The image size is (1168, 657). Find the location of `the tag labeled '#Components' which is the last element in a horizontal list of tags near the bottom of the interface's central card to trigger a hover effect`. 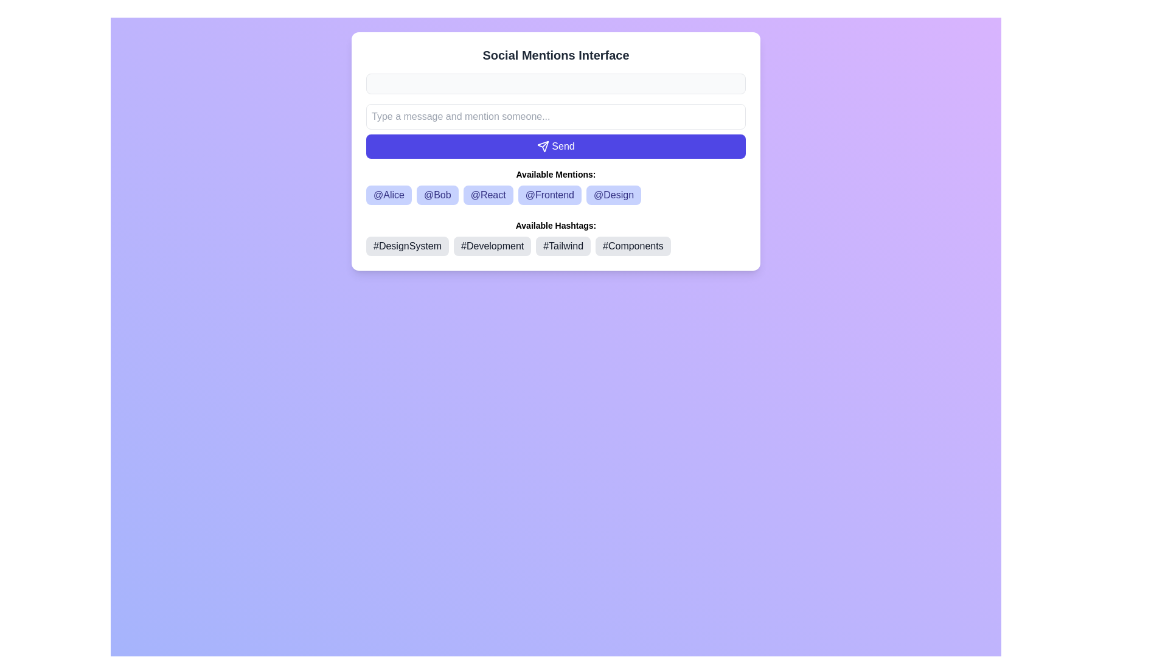

the tag labeled '#Components' which is the last element in a horizontal list of tags near the bottom of the interface's central card to trigger a hover effect is located at coordinates (633, 246).